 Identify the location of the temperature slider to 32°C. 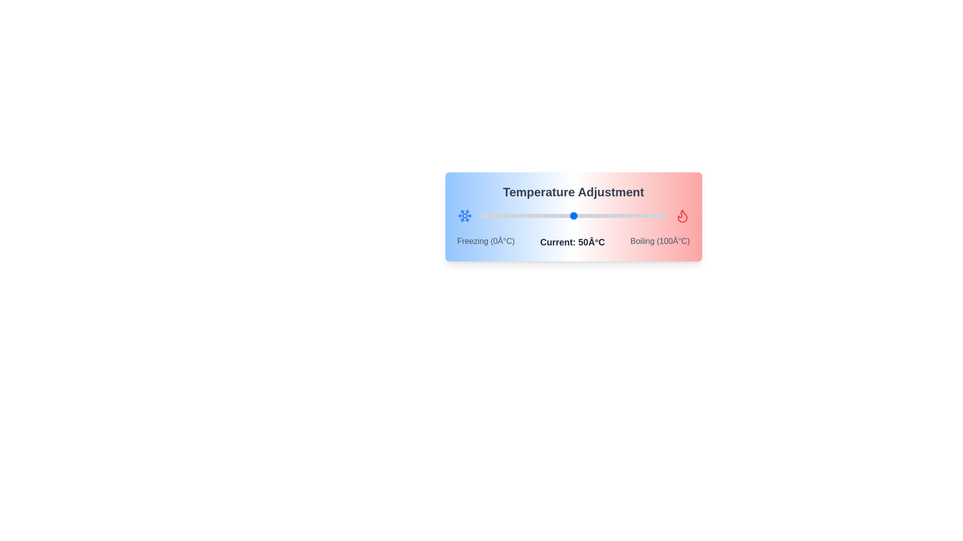
(539, 215).